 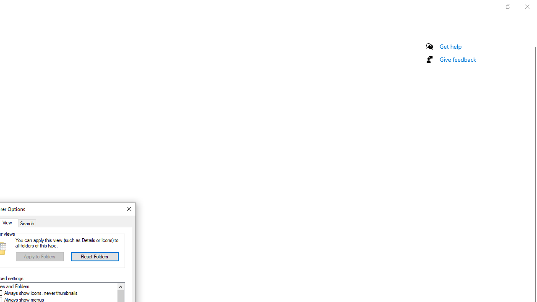 I want to click on 'Always show icons, never thumbnails', so click(x=40, y=293).